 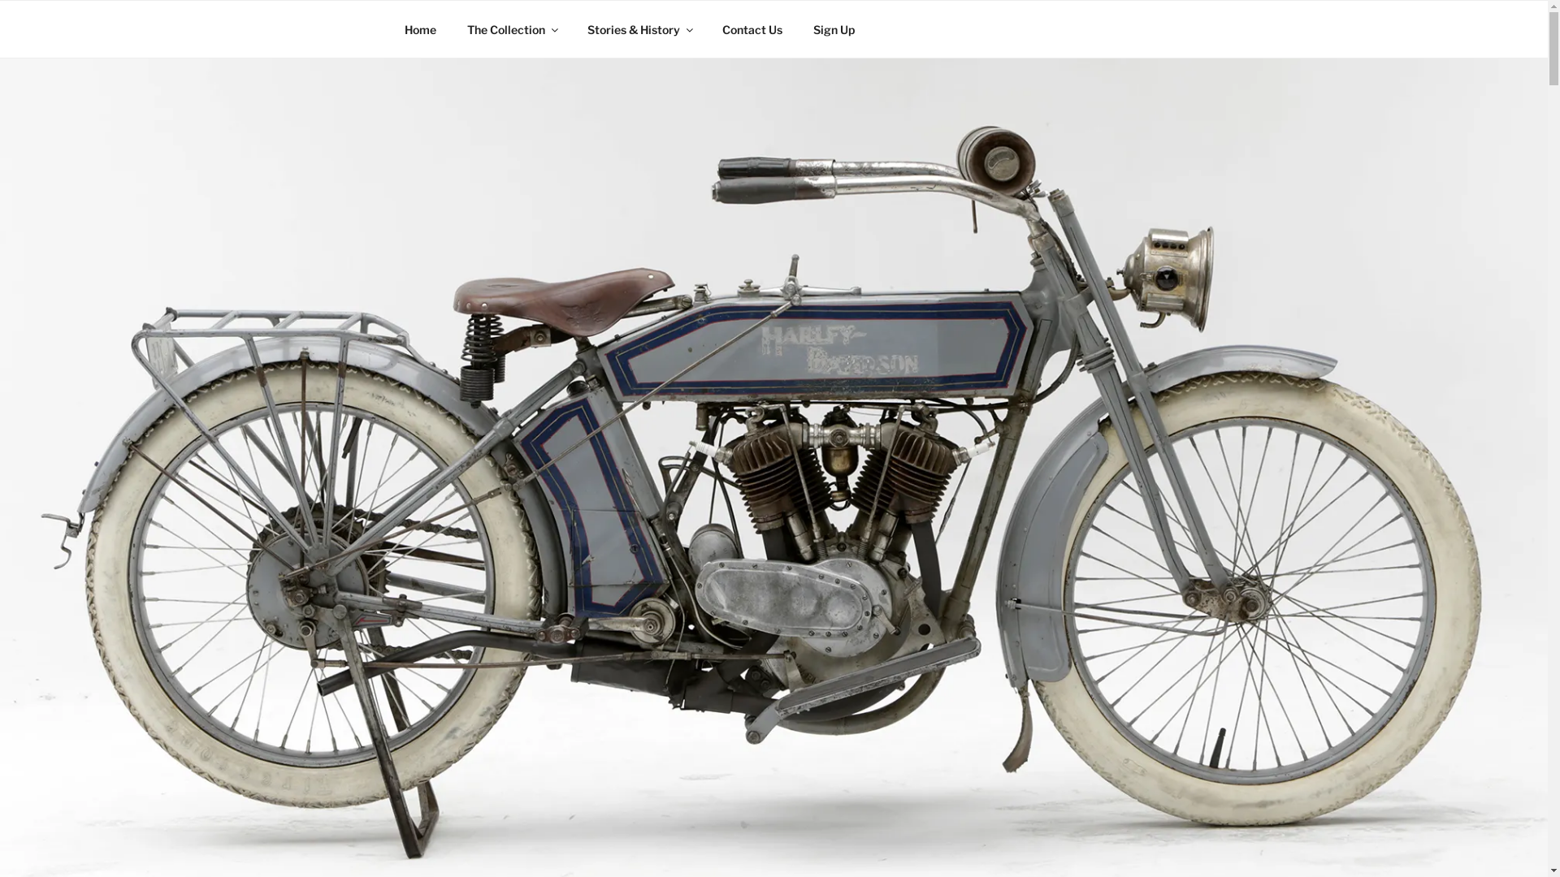 I want to click on 'Contact Us', so click(x=752, y=29).